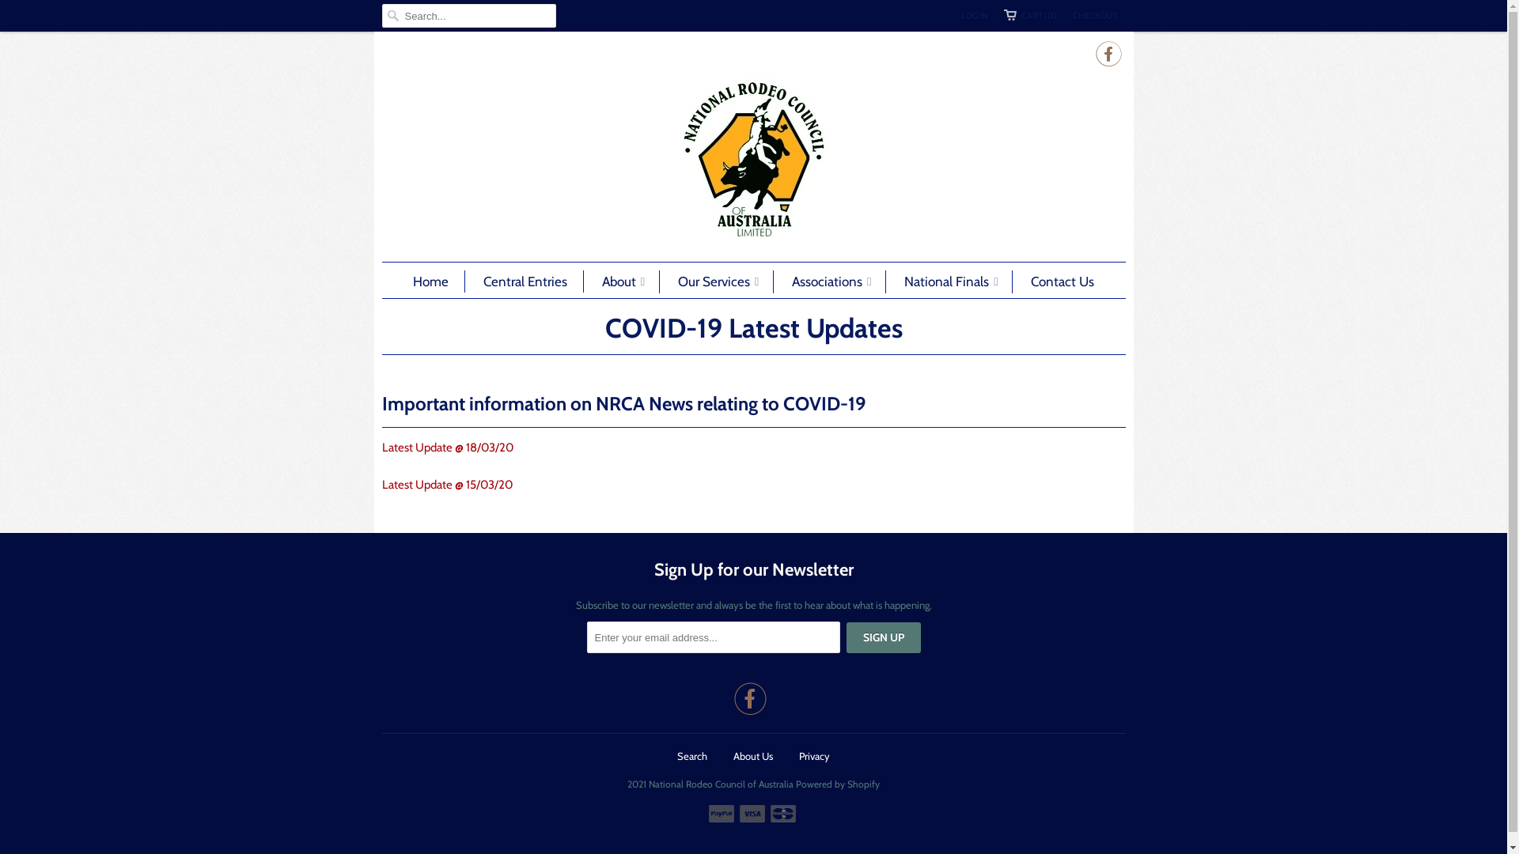  What do you see at coordinates (413, 280) in the screenshot?
I see `'Home'` at bounding box center [413, 280].